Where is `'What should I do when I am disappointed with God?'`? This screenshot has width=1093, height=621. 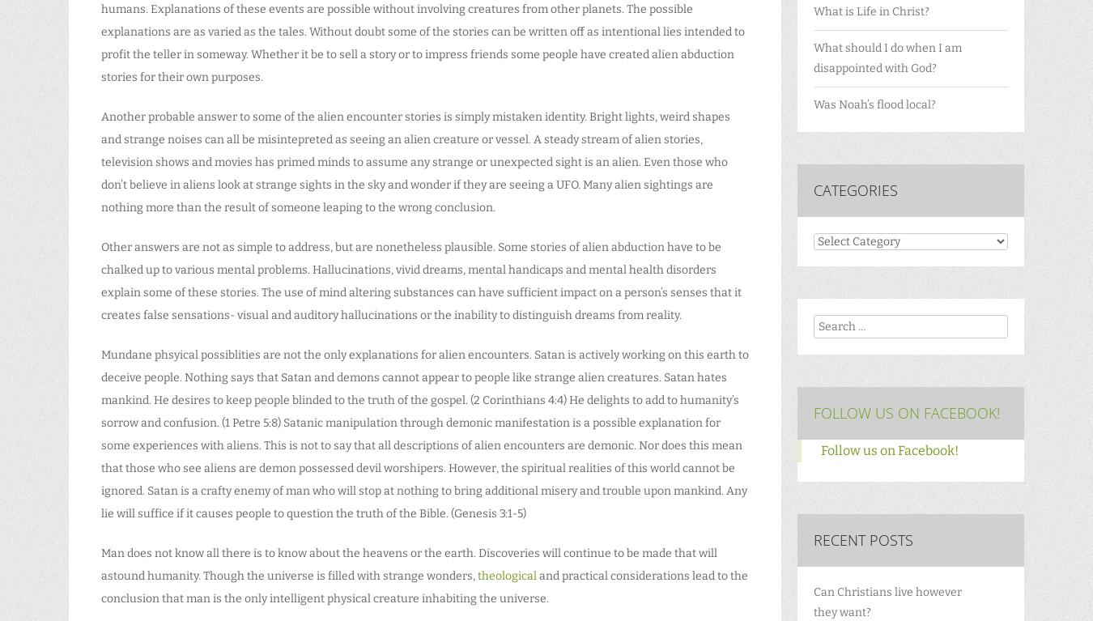
'What should I do when I am disappointed with God?' is located at coordinates (887, 57).